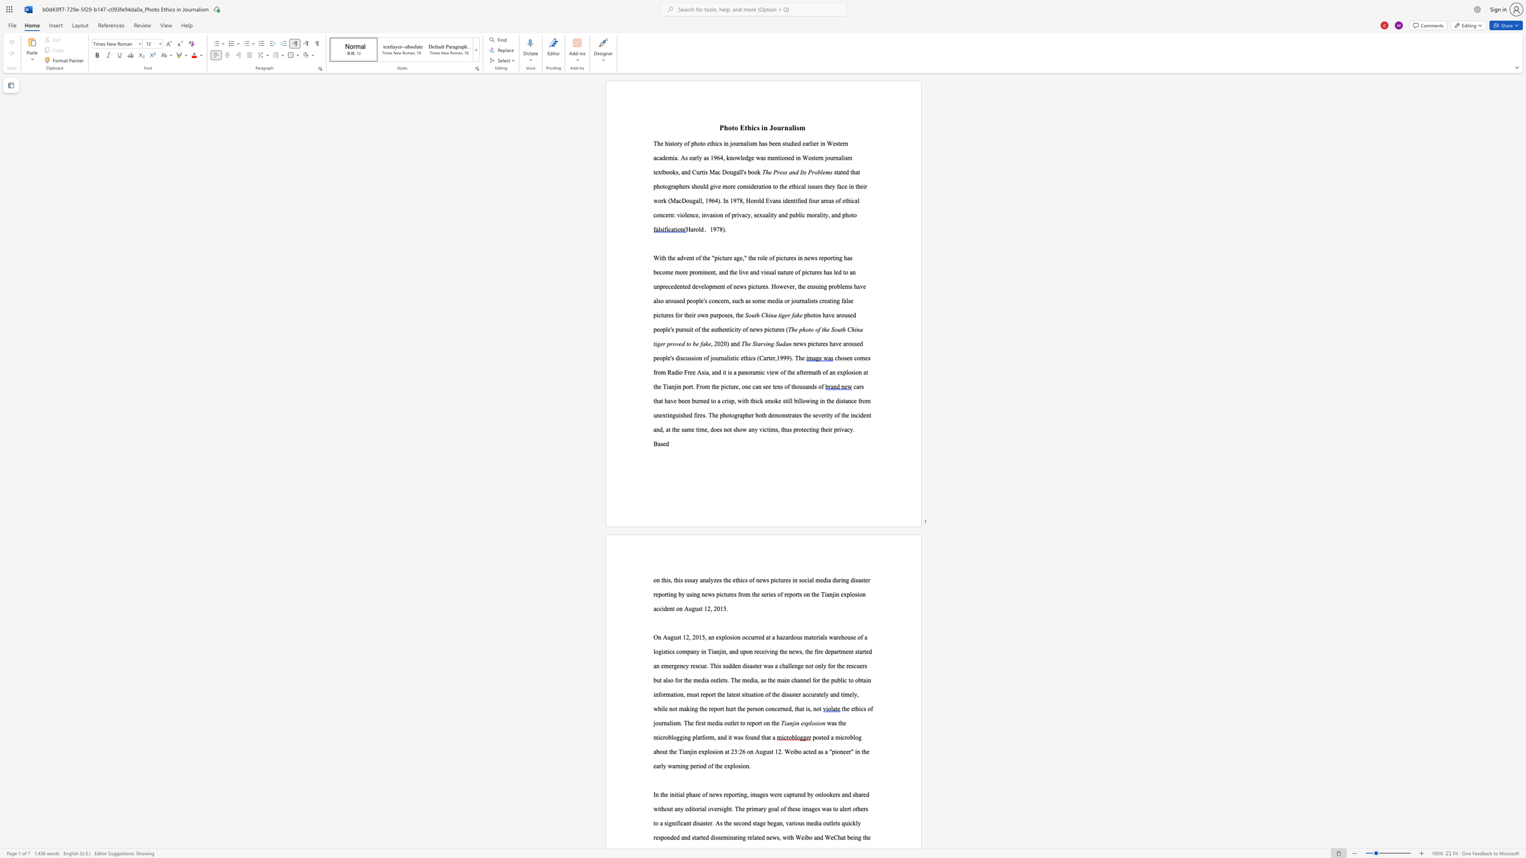  I want to click on the 7th character "n" in the text, so click(836, 214).